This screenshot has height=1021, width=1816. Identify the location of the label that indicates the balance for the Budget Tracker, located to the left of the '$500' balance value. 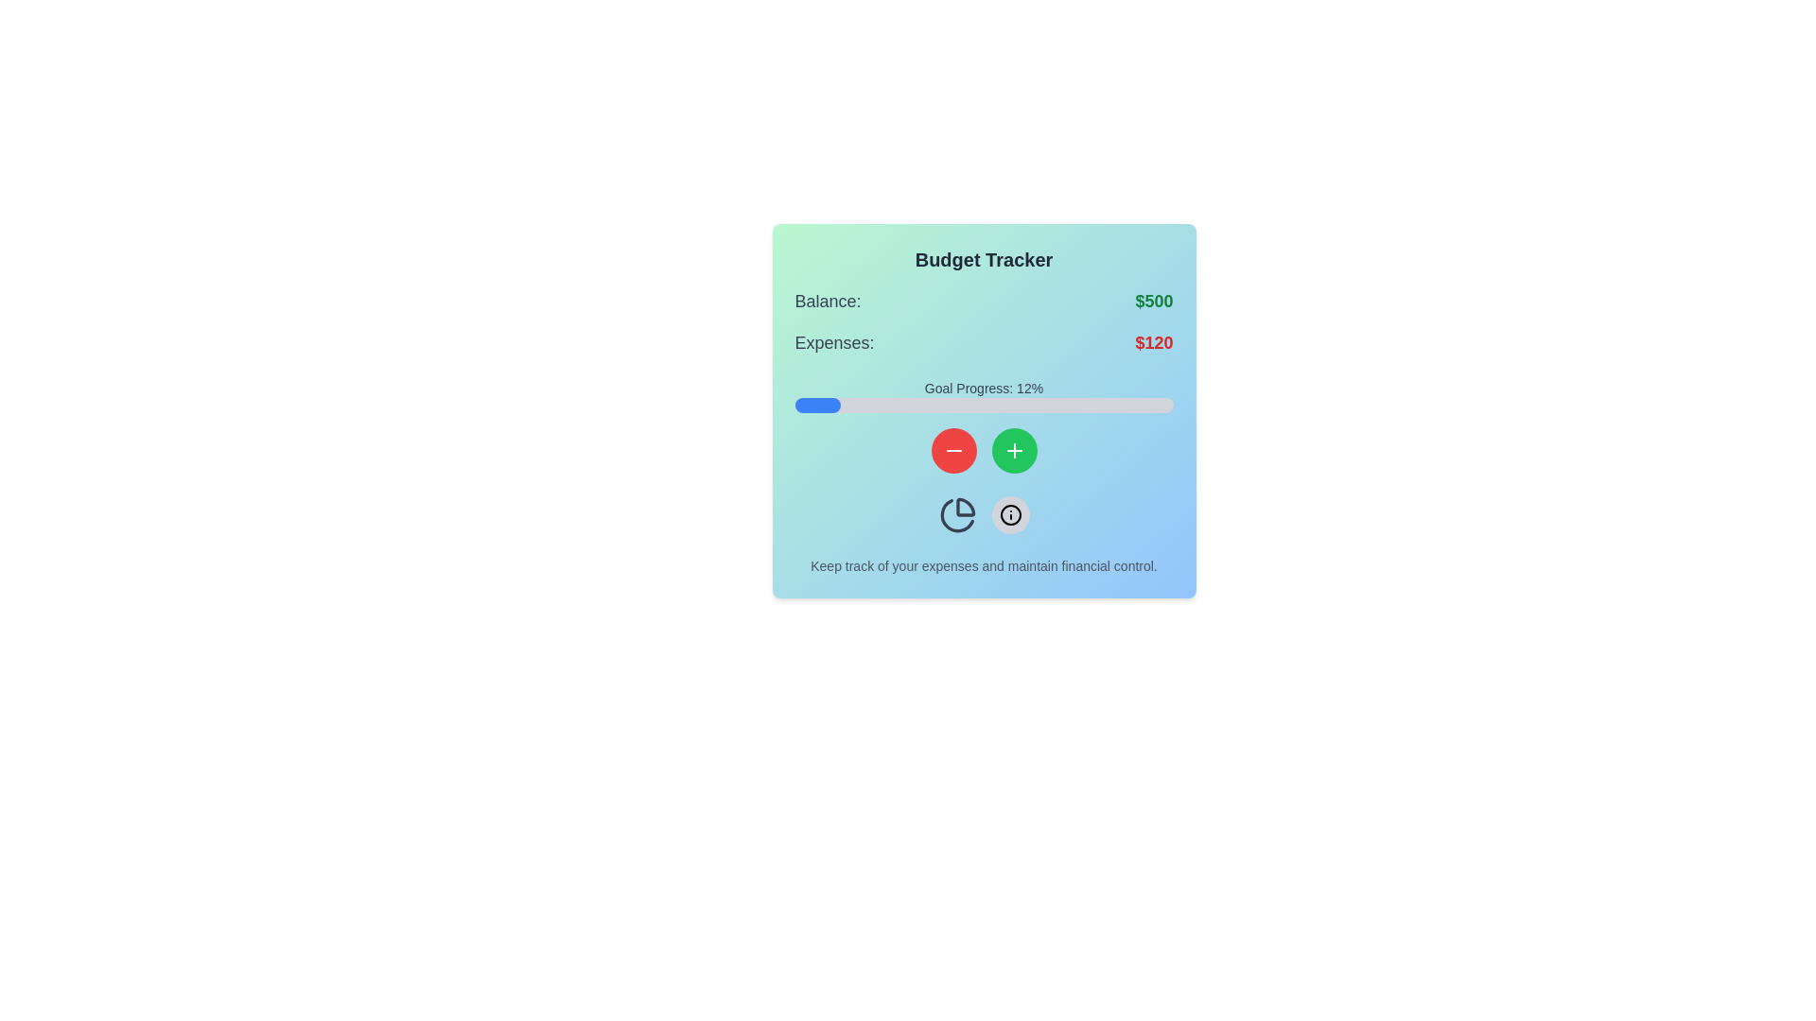
(828, 301).